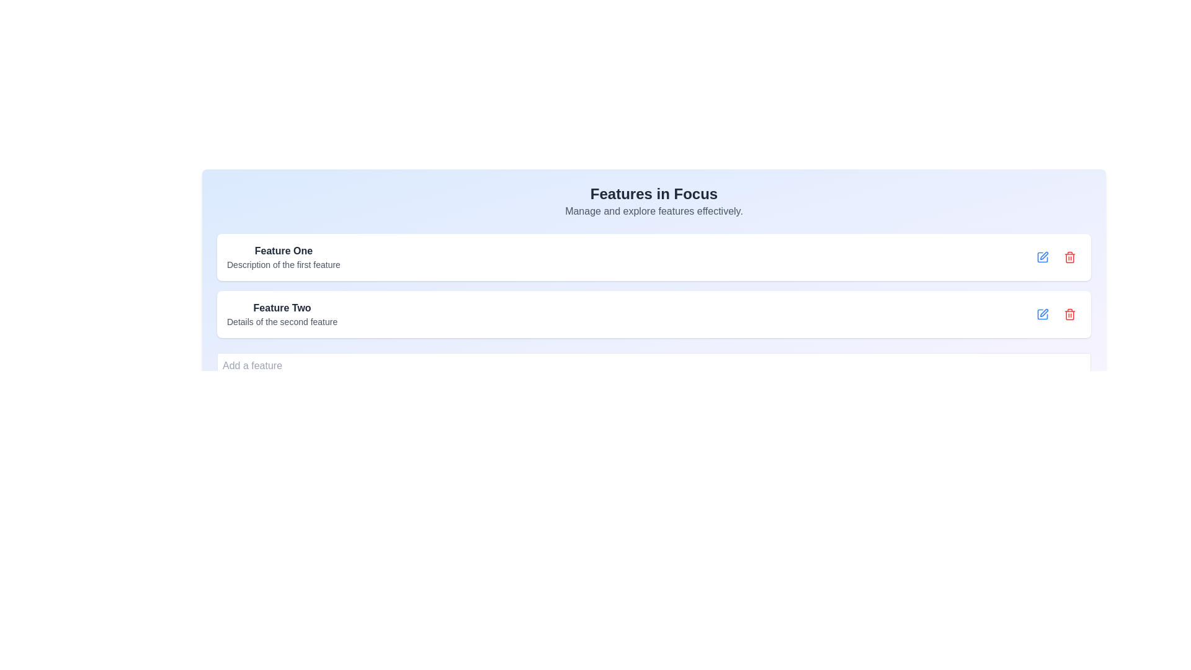 The width and height of the screenshot is (1191, 670). What do you see at coordinates (653, 210) in the screenshot?
I see `the descriptive subtitle text located below the heading 'Features in Focus' at the center of the application interface` at bounding box center [653, 210].